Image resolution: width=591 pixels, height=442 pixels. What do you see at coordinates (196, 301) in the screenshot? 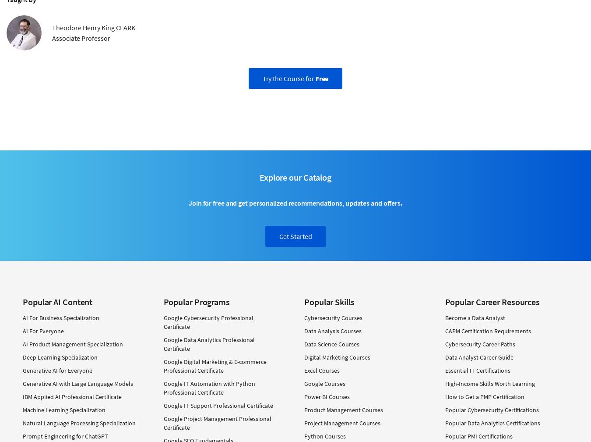
I see `'Popular Programs'` at bounding box center [196, 301].